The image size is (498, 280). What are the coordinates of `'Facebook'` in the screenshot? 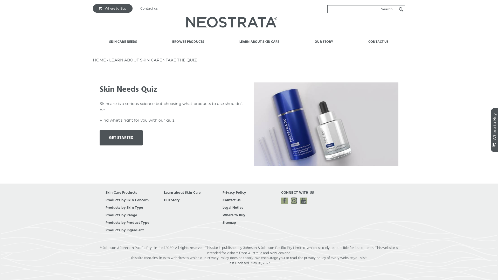 It's located at (281, 200).